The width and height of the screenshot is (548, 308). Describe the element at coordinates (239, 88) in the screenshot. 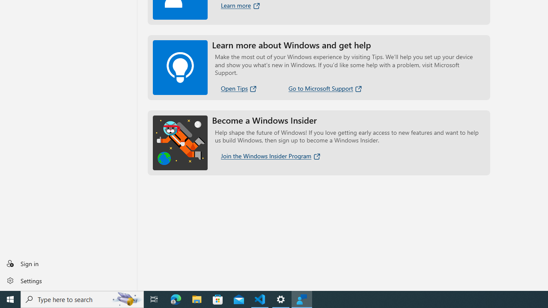

I see `'Open Tips'` at that location.